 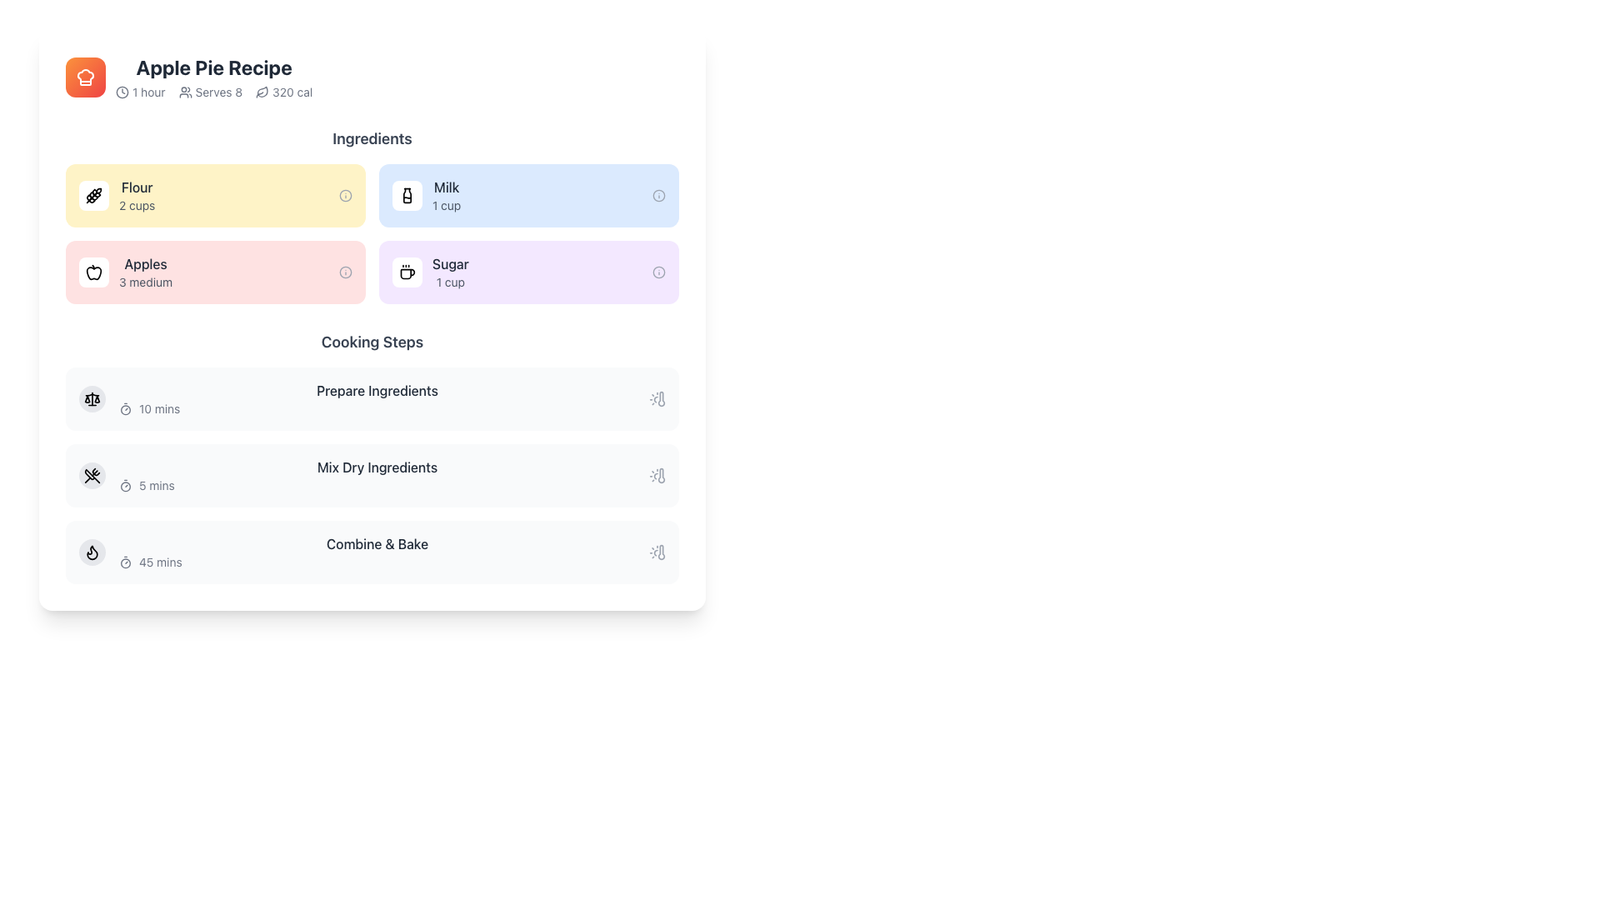 I want to click on the second step of the cooking instructions labeled 'Mix Dry Ingredients' with a timing indication of '5 mins', positioned between 'Prepare Ingredients' and 'Combine & Bake', so click(x=371, y=475).